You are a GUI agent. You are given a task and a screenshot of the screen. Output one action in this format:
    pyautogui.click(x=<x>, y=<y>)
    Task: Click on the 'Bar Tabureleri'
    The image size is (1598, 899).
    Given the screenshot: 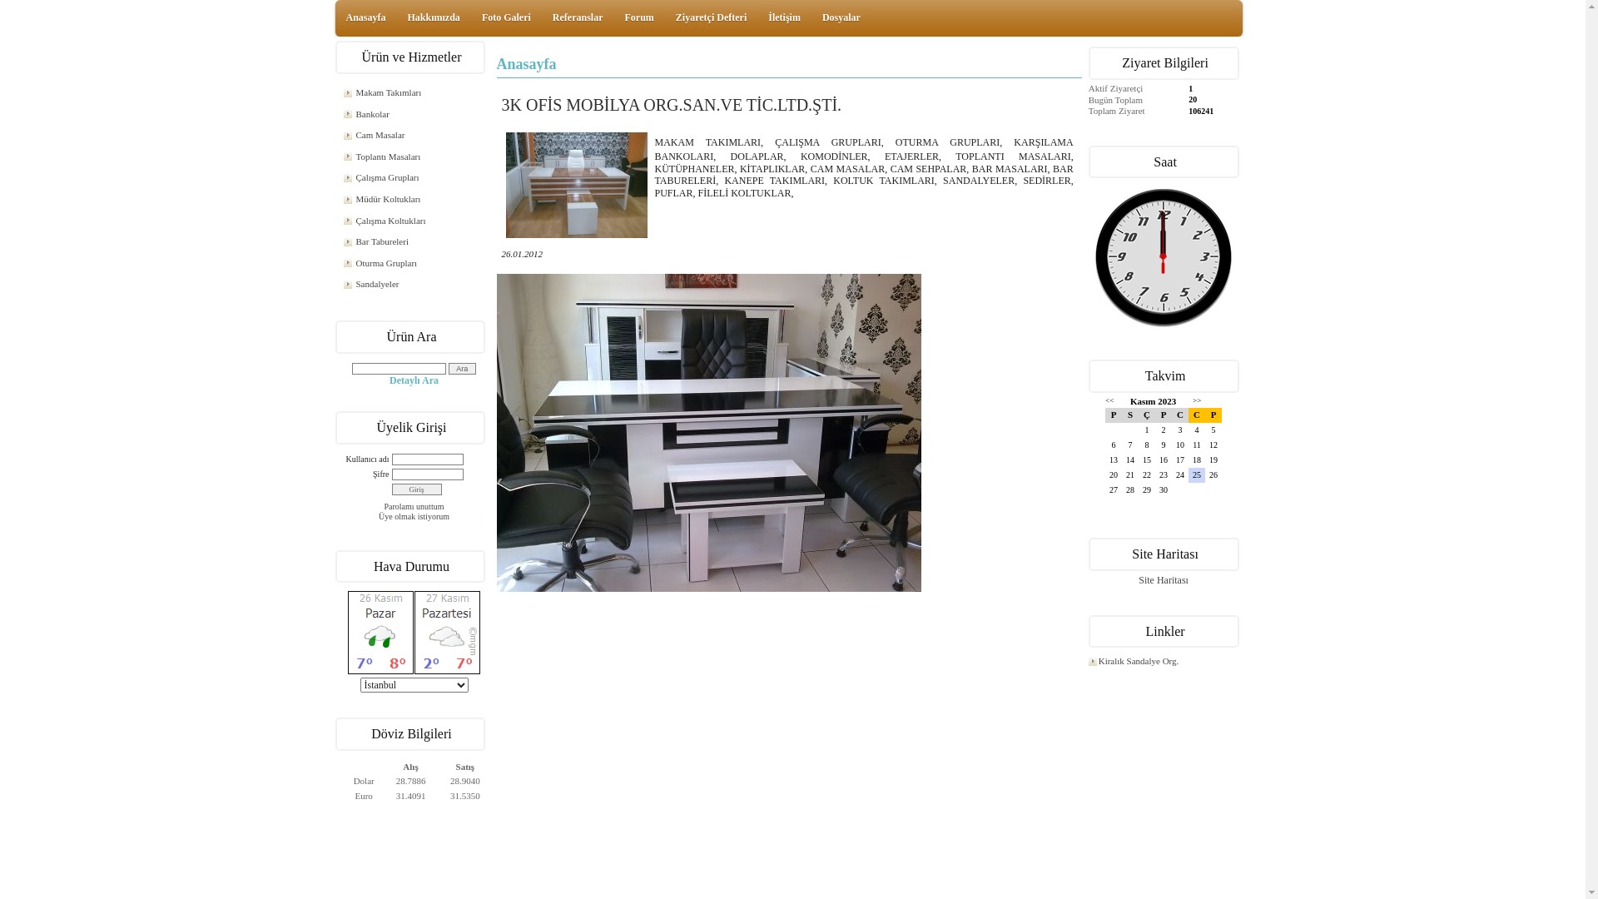 What is the action you would take?
    pyautogui.click(x=414, y=241)
    